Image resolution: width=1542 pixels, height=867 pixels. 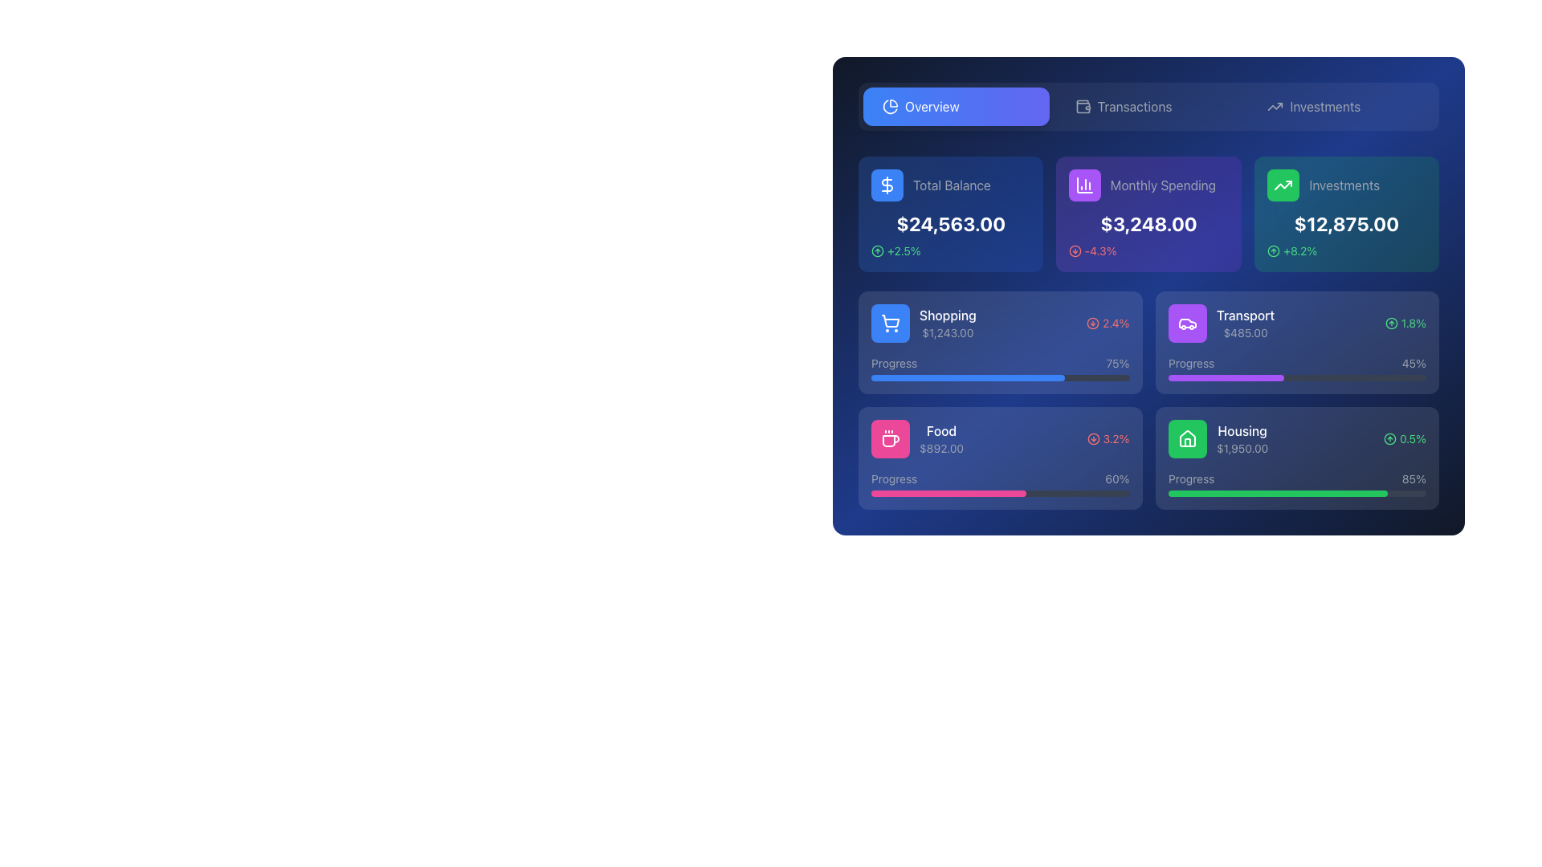 I want to click on the text node displaying '0.5%' with a green font and a circle-arrow-up icon, located in the bottom-right corner of the 'Housing' card, so click(x=1404, y=439).